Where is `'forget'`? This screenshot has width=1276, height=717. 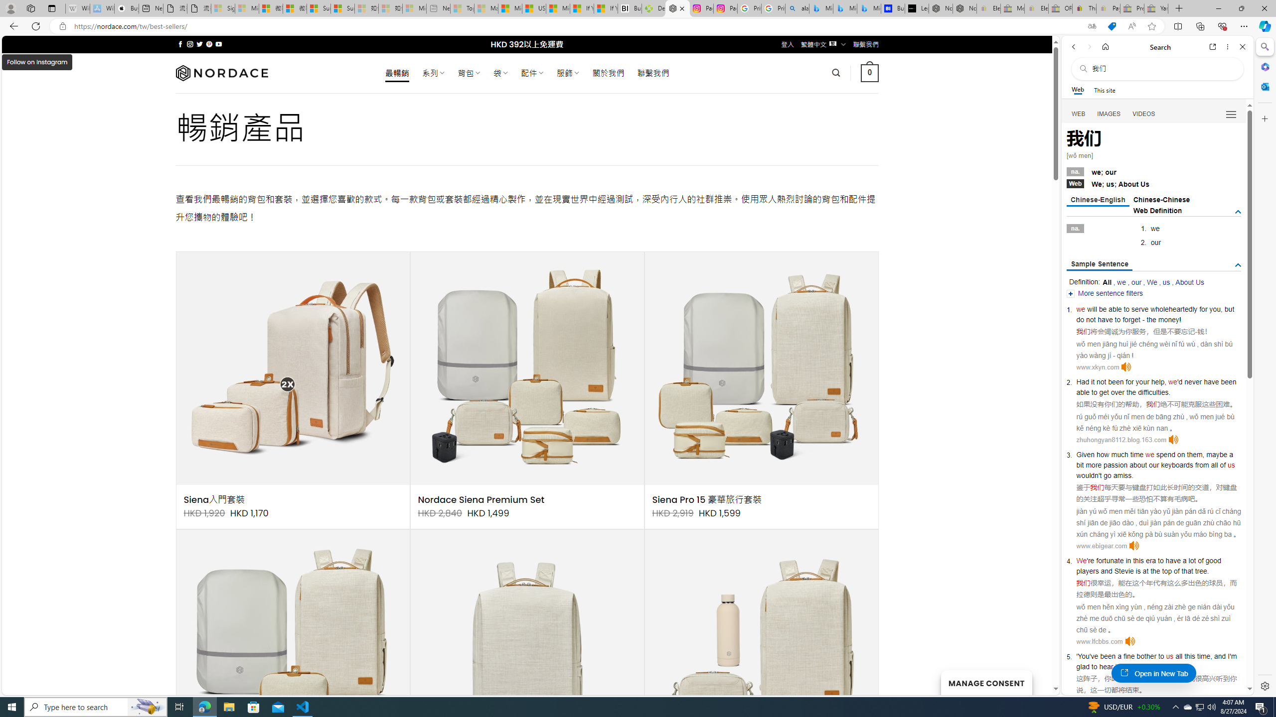
'forget' is located at coordinates (1131, 319).